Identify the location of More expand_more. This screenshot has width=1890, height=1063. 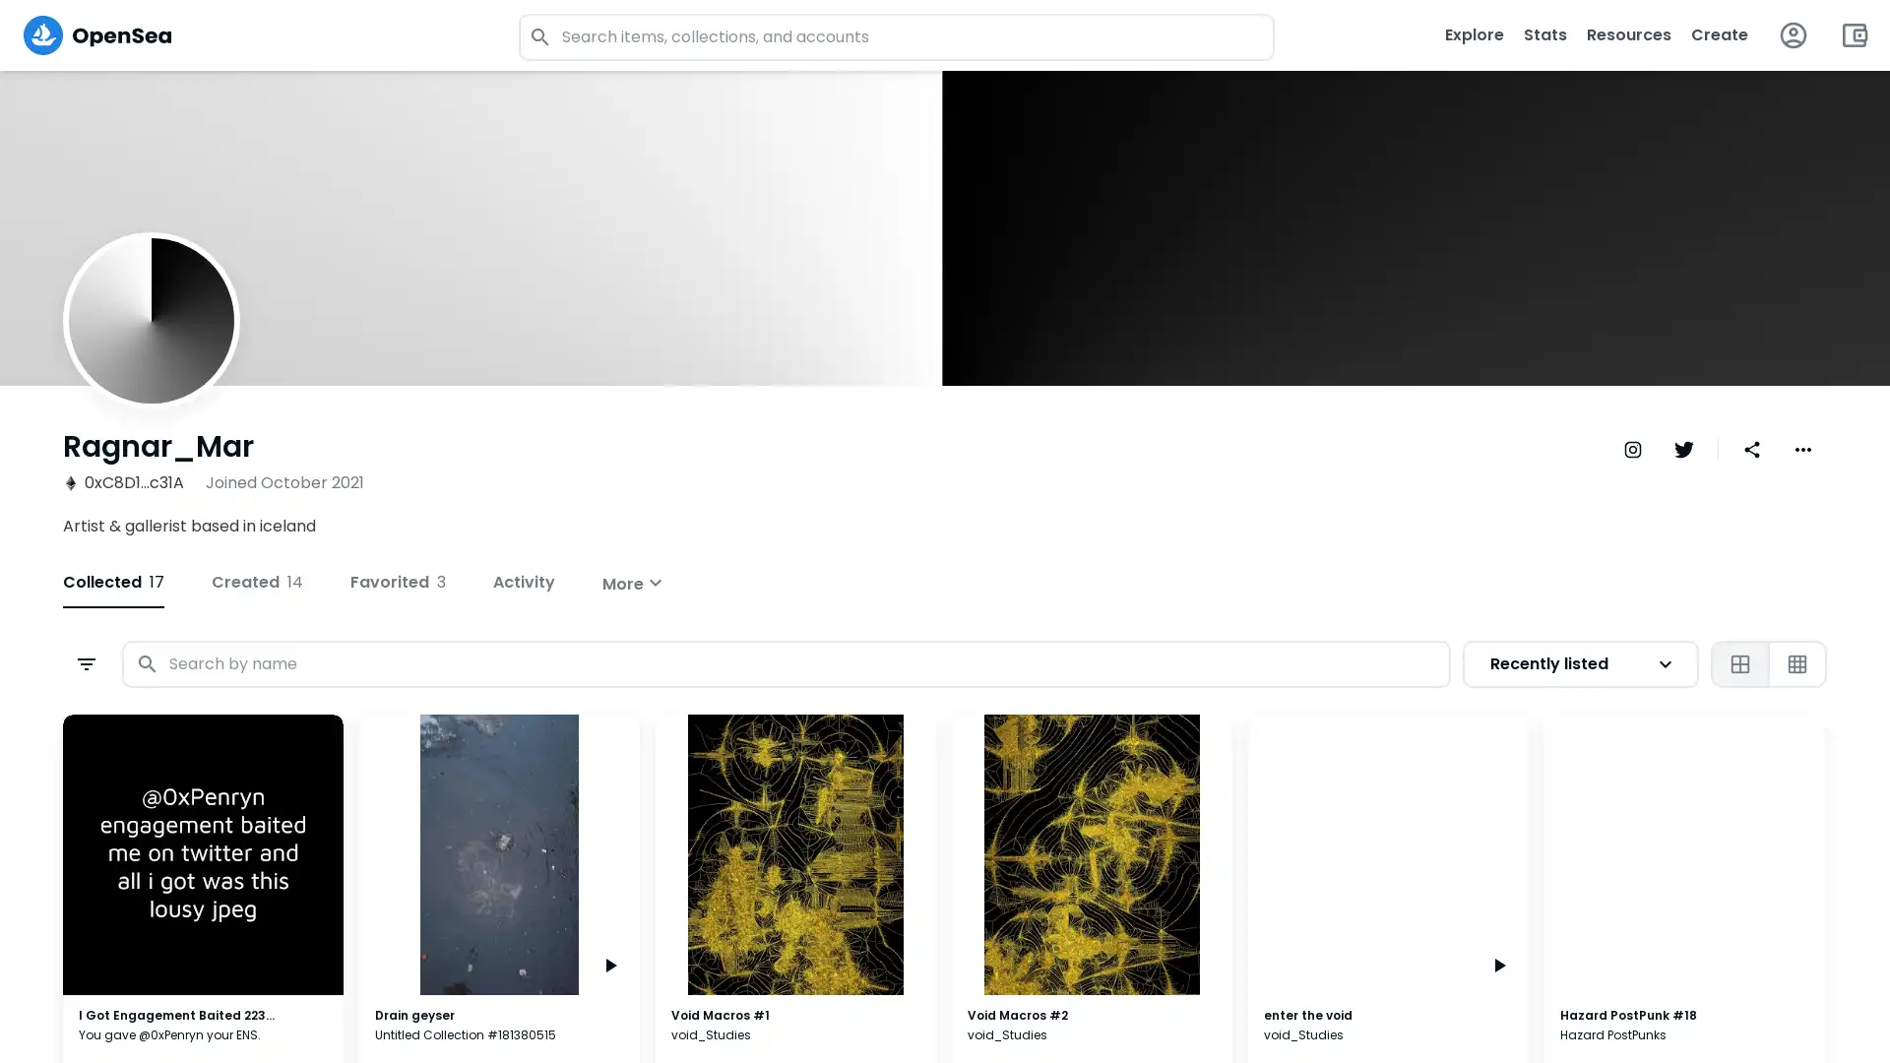
(634, 581).